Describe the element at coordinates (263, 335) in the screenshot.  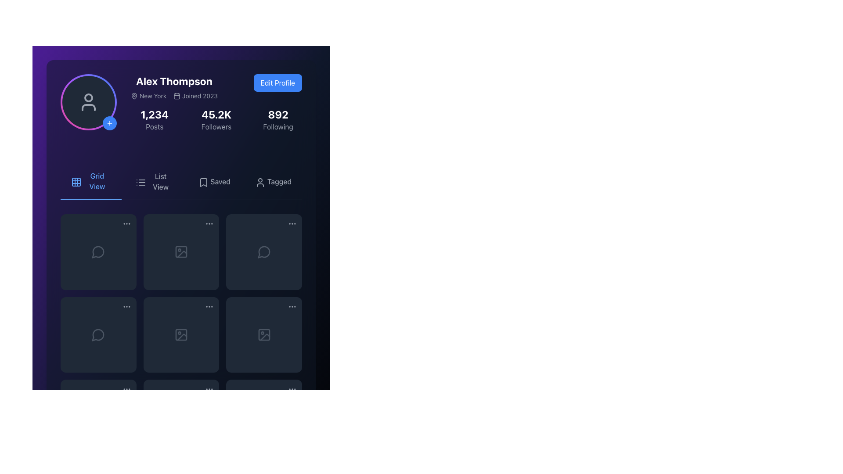
I see `the Interactive Image Placeholder with a dark background and rounded edges, featuring a gray image icon and three vertical dots` at that location.